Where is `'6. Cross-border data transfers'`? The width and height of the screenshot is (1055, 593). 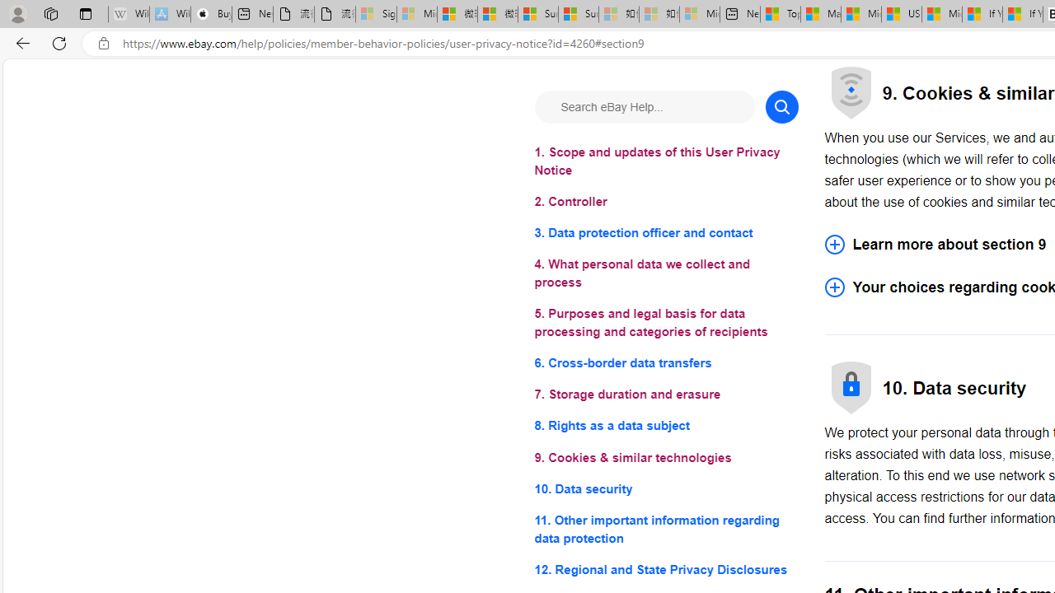
'6. Cross-border data transfers' is located at coordinates (666, 362).